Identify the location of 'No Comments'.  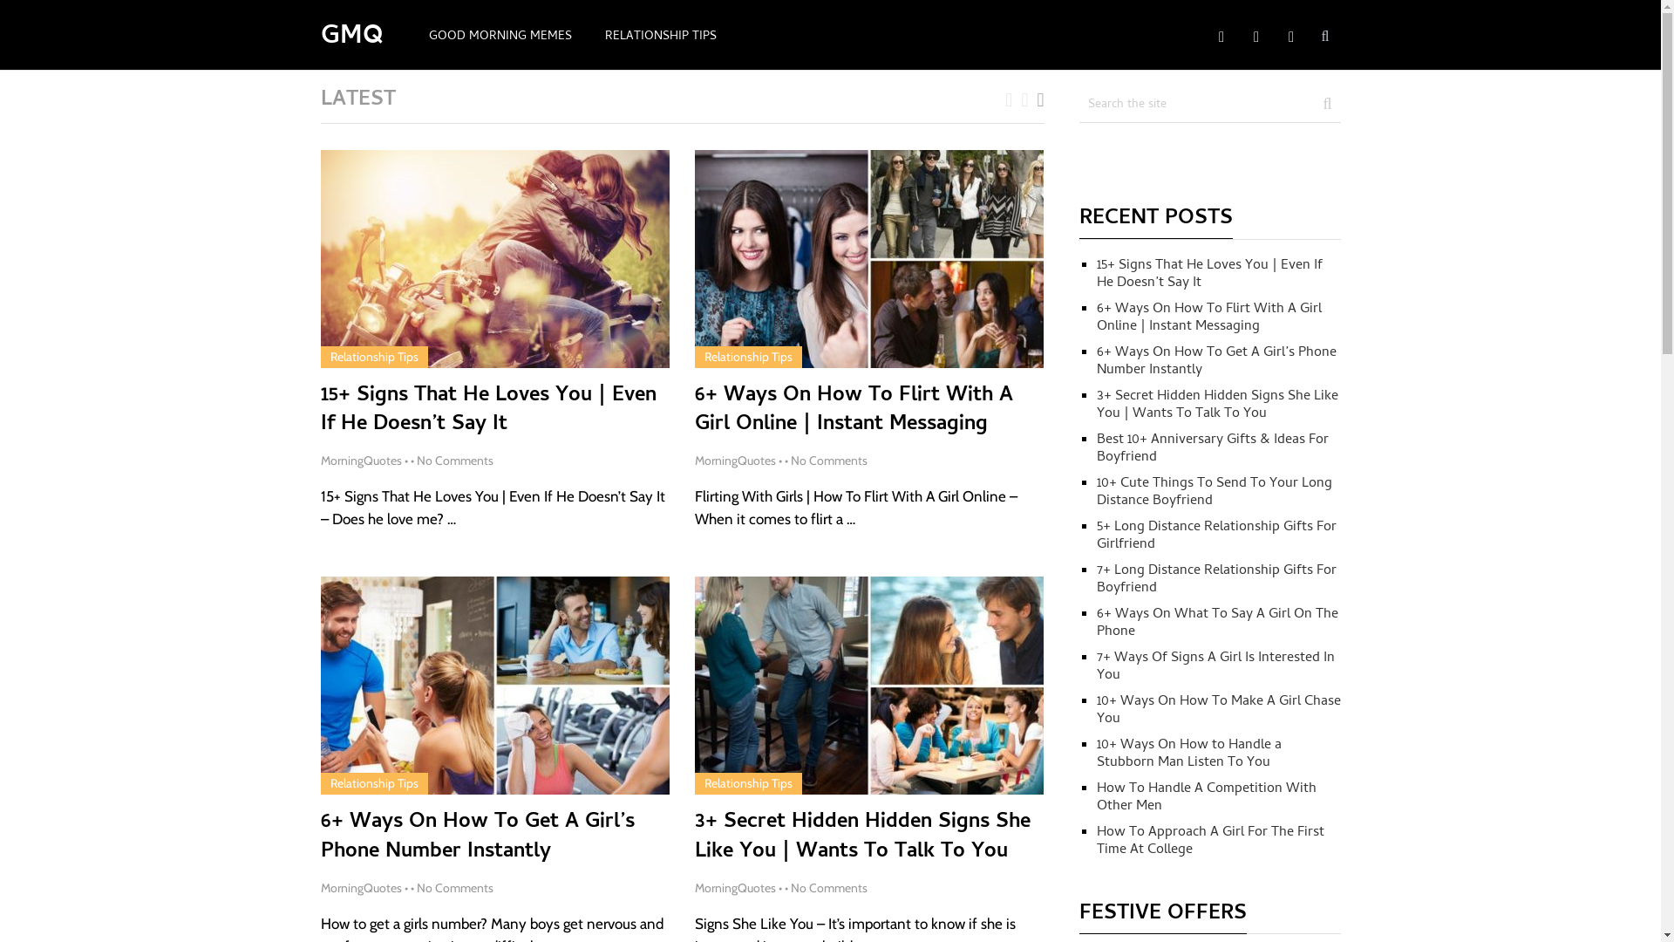
(455, 888).